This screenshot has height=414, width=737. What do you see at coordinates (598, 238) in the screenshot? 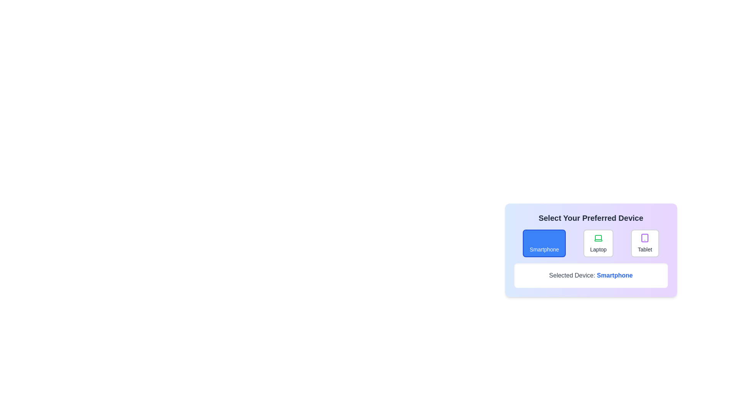
I see `the laptop icon, which is a small green outline icon located within the button labeled 'Laptop' in the 'Select Your Preferred Device' section` at bounding box center [598, 238].